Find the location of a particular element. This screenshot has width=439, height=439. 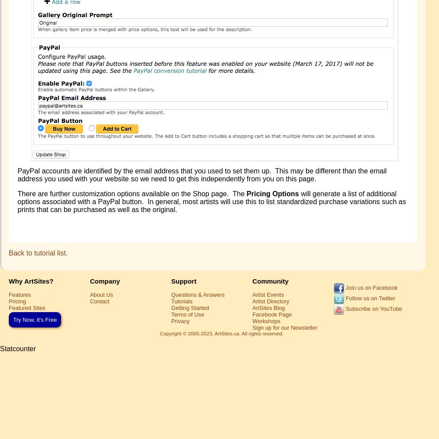

'Features' is located at coordinates (20, 294).